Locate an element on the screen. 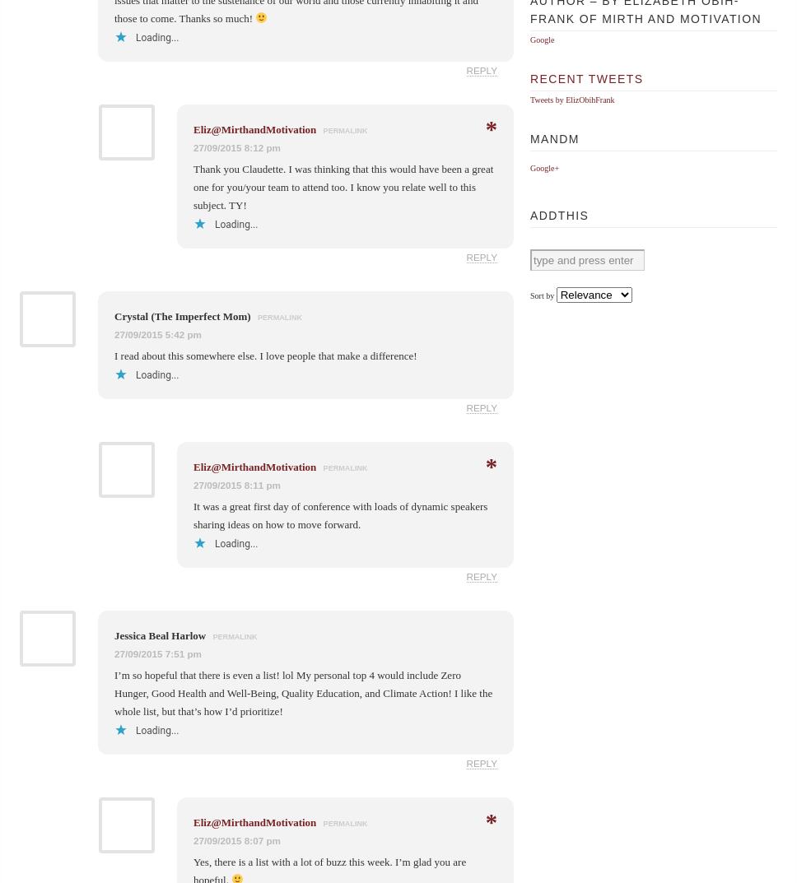  'I read about this somewhere else. I love people that make a difference!' is located at coordinates (264, 355).